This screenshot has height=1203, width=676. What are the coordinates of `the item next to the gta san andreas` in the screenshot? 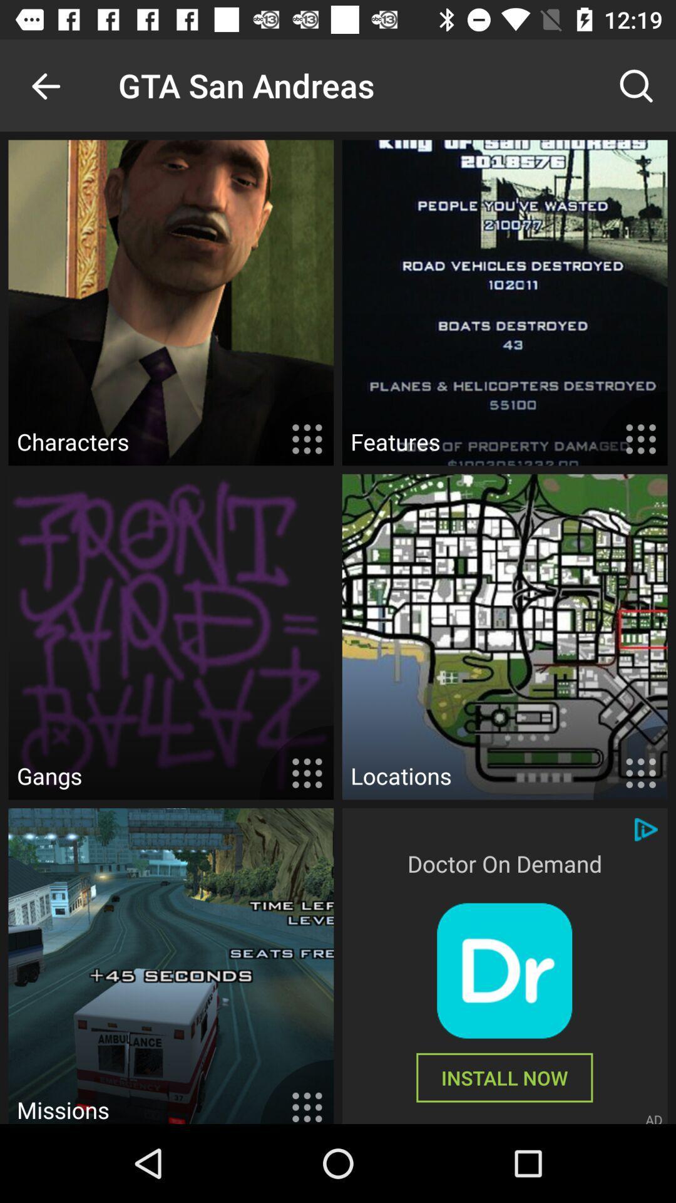 It's located at (637, 85).